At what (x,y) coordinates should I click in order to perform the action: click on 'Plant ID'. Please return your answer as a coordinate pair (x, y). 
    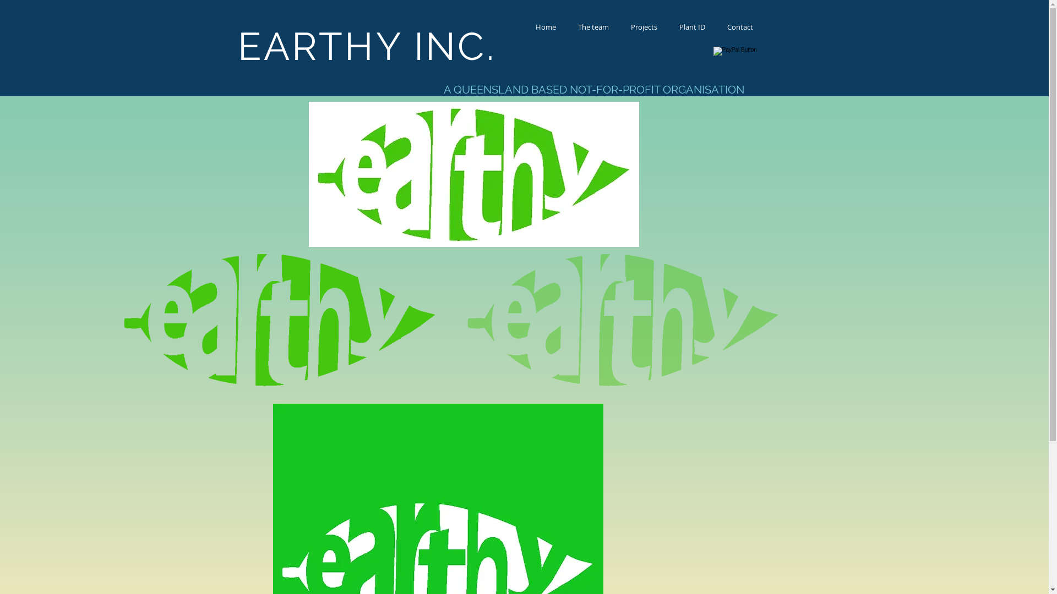
    Looking at the image, I should click on (691, 26).